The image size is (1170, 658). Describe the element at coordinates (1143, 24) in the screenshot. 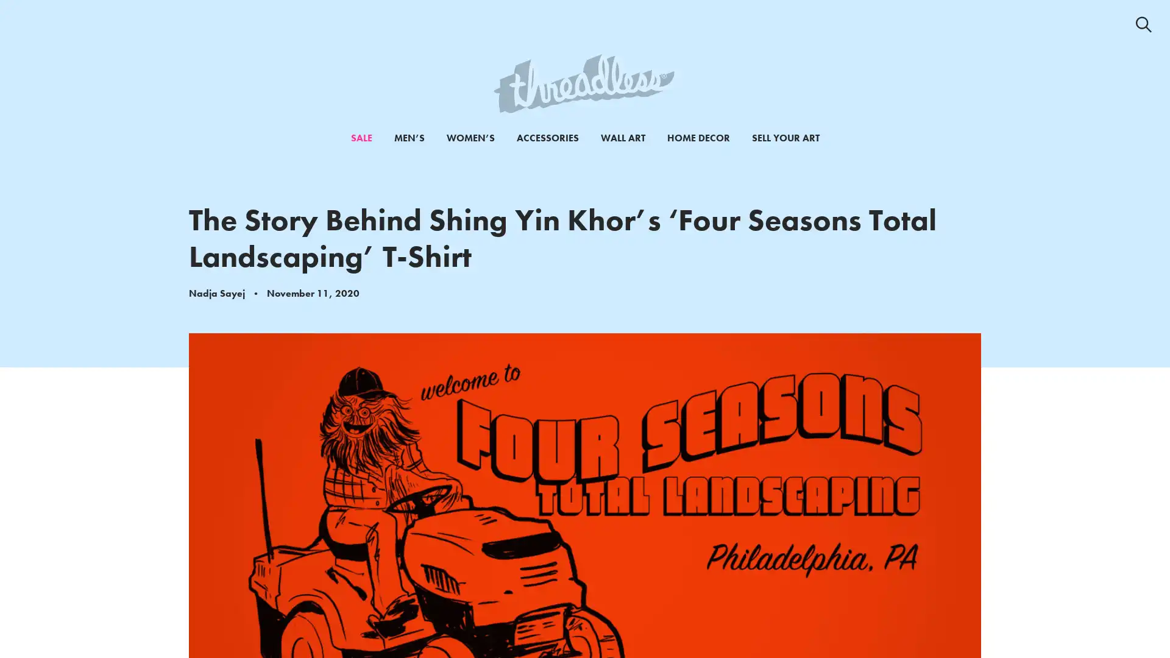

I see `Search` at that location.